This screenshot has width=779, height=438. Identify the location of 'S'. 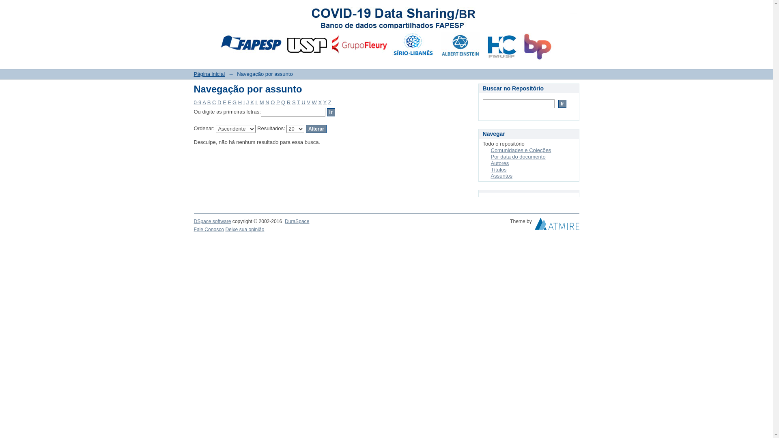
(292, 102).